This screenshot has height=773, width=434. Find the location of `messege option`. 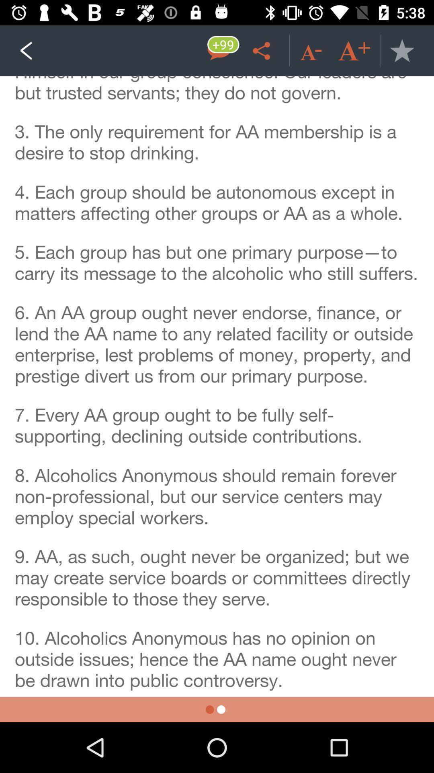

messege option is located at coordinates (219, 50).